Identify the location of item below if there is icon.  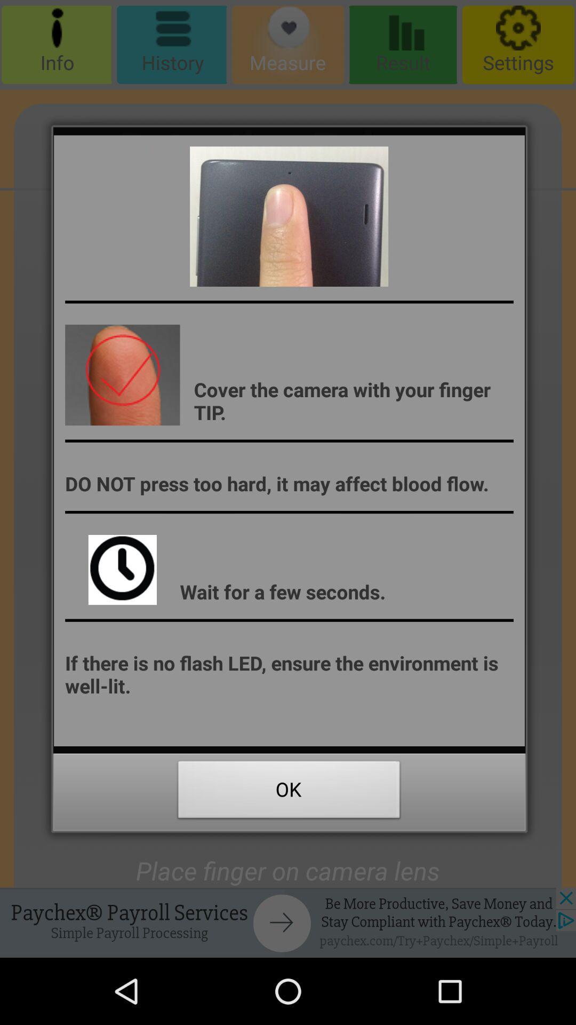
(289, 792).